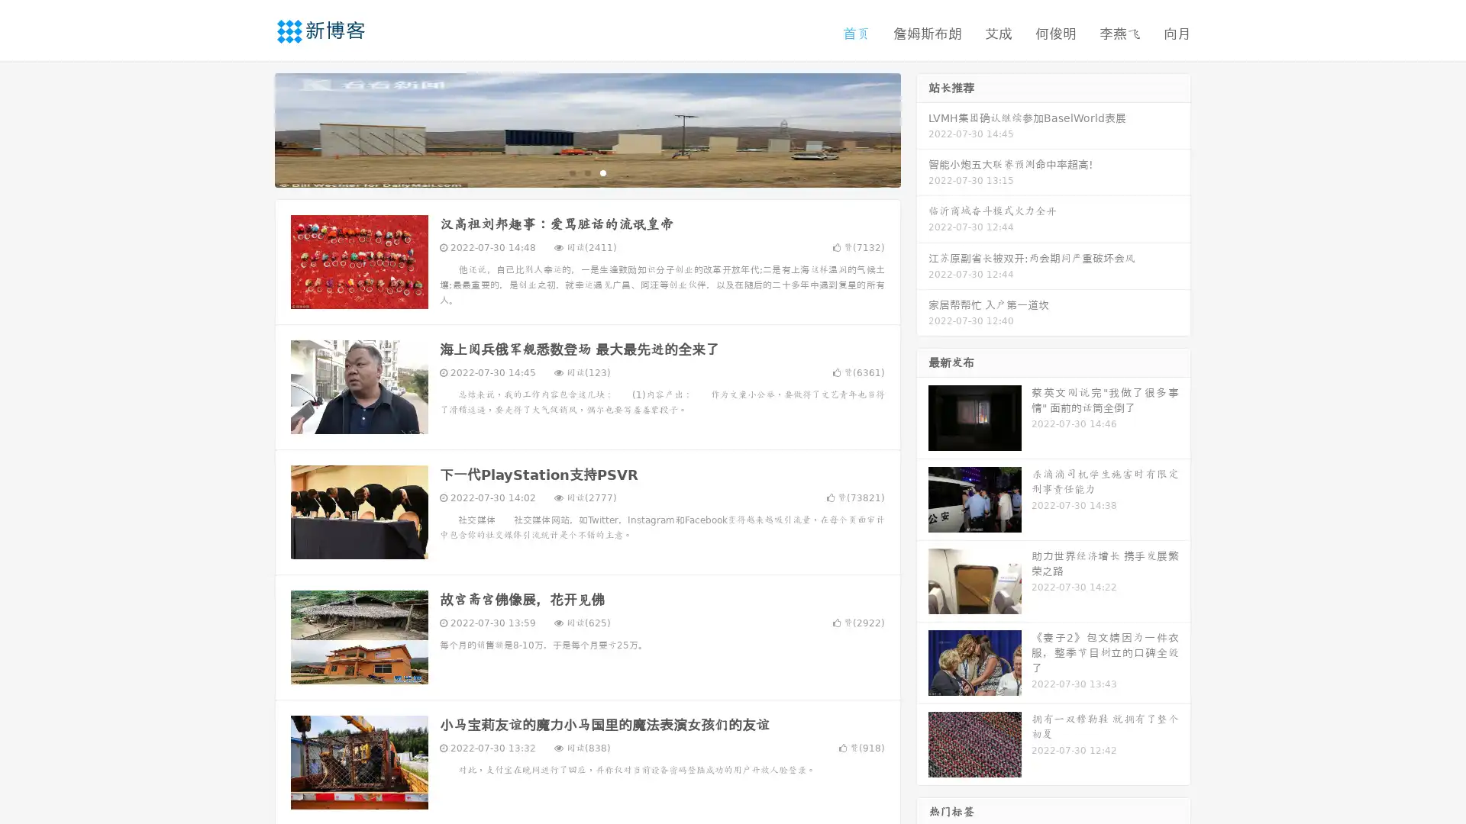 This screenshot has height=824, width=1466. What do you see at coordinates (252, 128) in the screenshot?
I see `Previous slide` at bounding box center [252, 128].